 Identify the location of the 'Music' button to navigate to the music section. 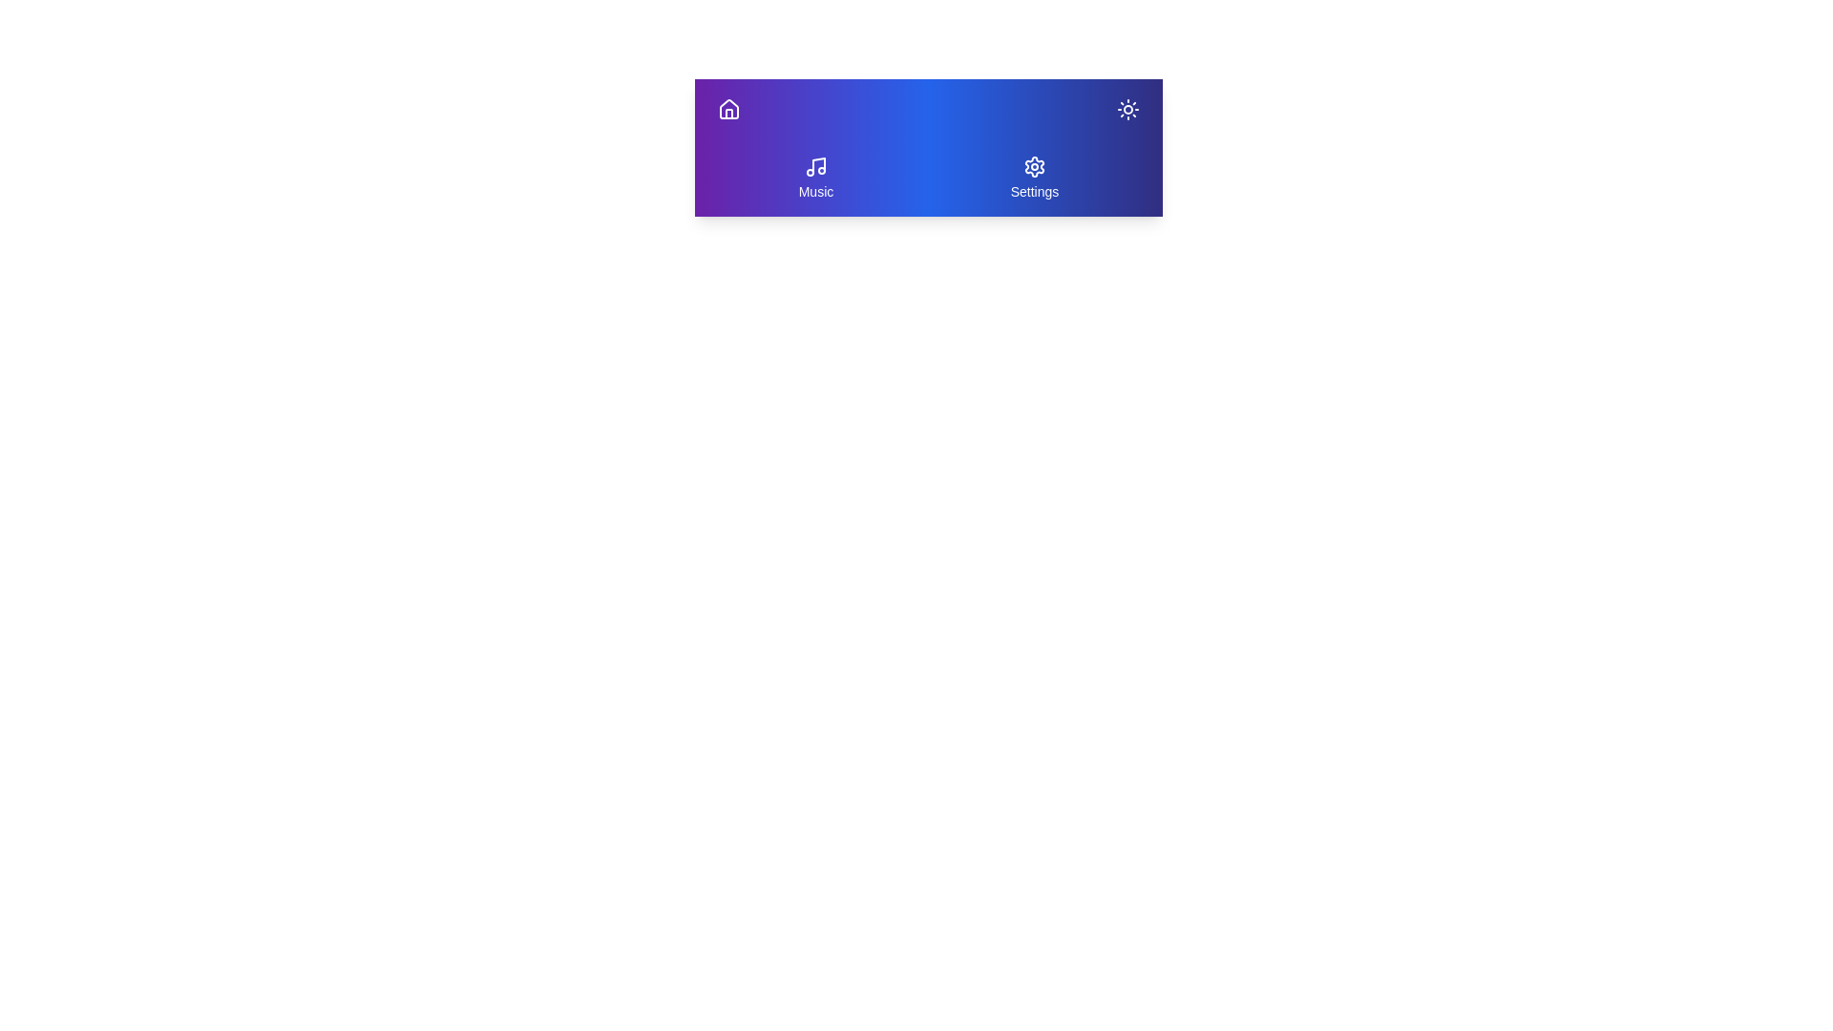
(815, 178).